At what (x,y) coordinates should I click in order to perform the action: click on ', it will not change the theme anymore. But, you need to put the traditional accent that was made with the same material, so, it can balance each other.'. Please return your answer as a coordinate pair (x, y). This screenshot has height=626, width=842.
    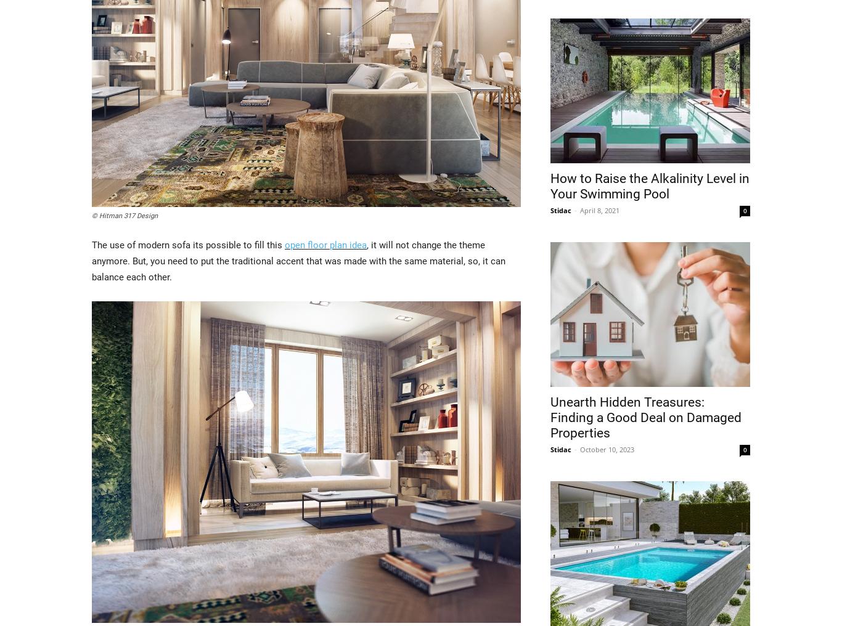
    Looking at the image, I should click on (298, 259).